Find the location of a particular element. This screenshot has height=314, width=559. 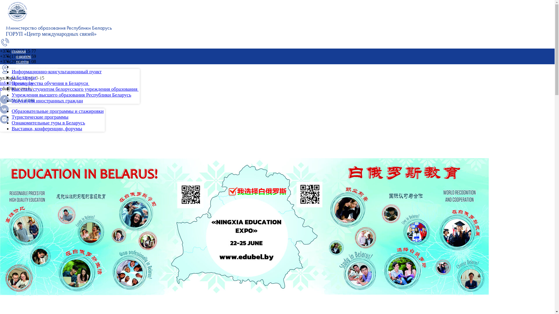

'EN' is located at coordinates (2, 127).